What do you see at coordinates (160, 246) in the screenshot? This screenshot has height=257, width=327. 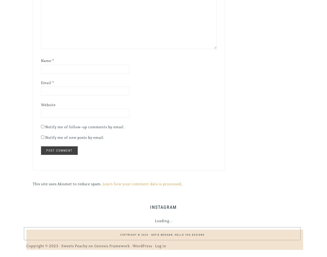 I see `'Log in'` at bounding box center [160, 246].